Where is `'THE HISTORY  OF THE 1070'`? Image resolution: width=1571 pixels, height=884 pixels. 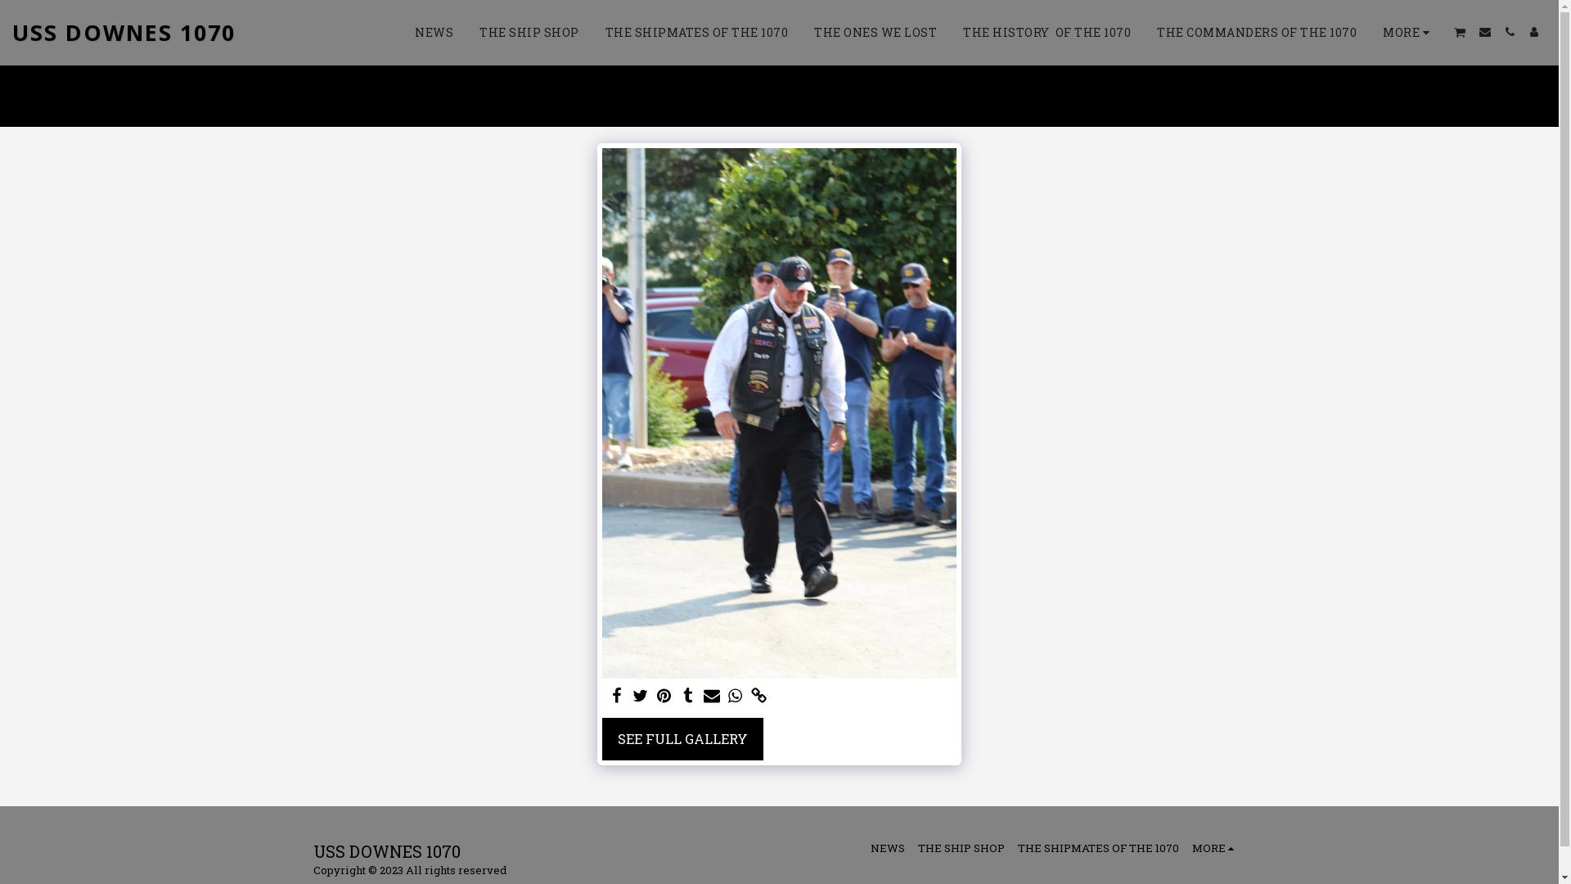 'THE HISTORY  OF THE 1070' is located at coordinates (1046, 32).